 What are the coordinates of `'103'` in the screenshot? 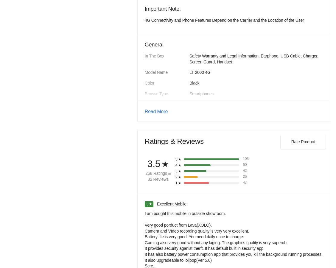 It's located at (242, 158).